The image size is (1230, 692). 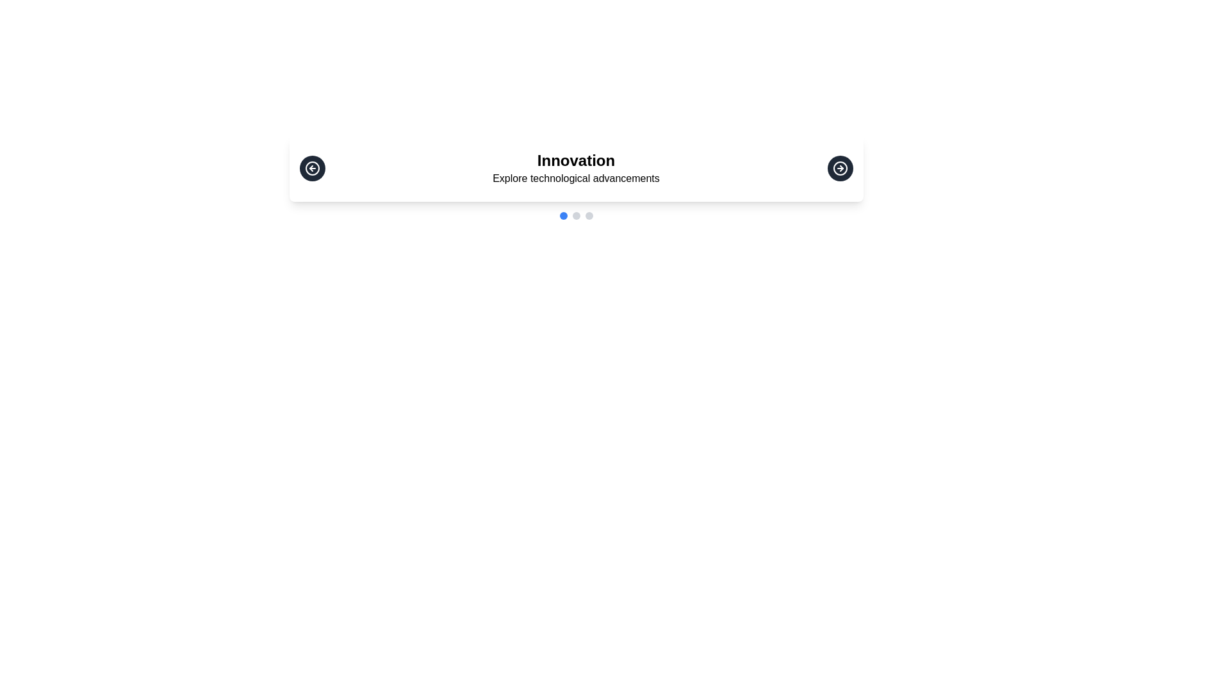 What do you see at coordinates (575, 215) in the screenshot?
I see `the second circular indicator, which represents an inactive state in the series of indicators below the title 'Innovation'` at bounding box center [575, 215].